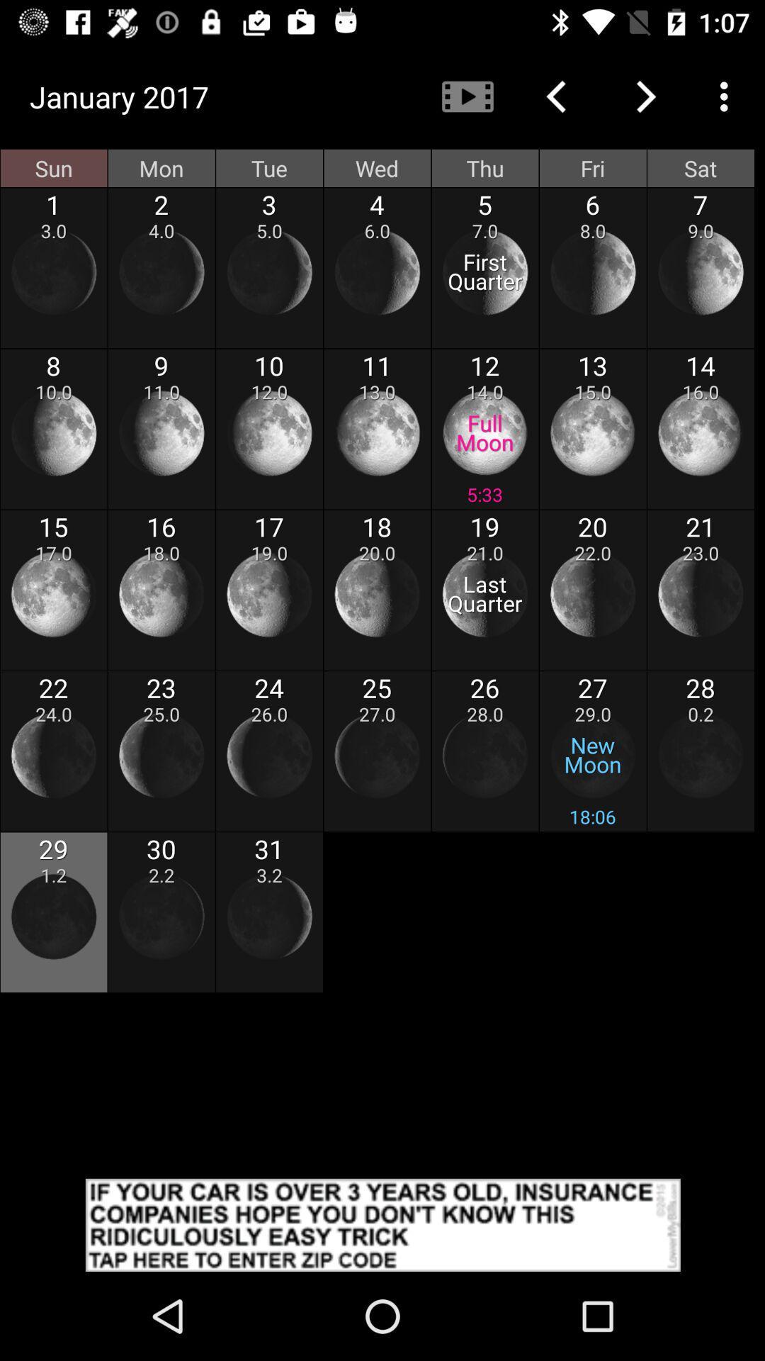  I want to click on youtube, so click(467, 96).